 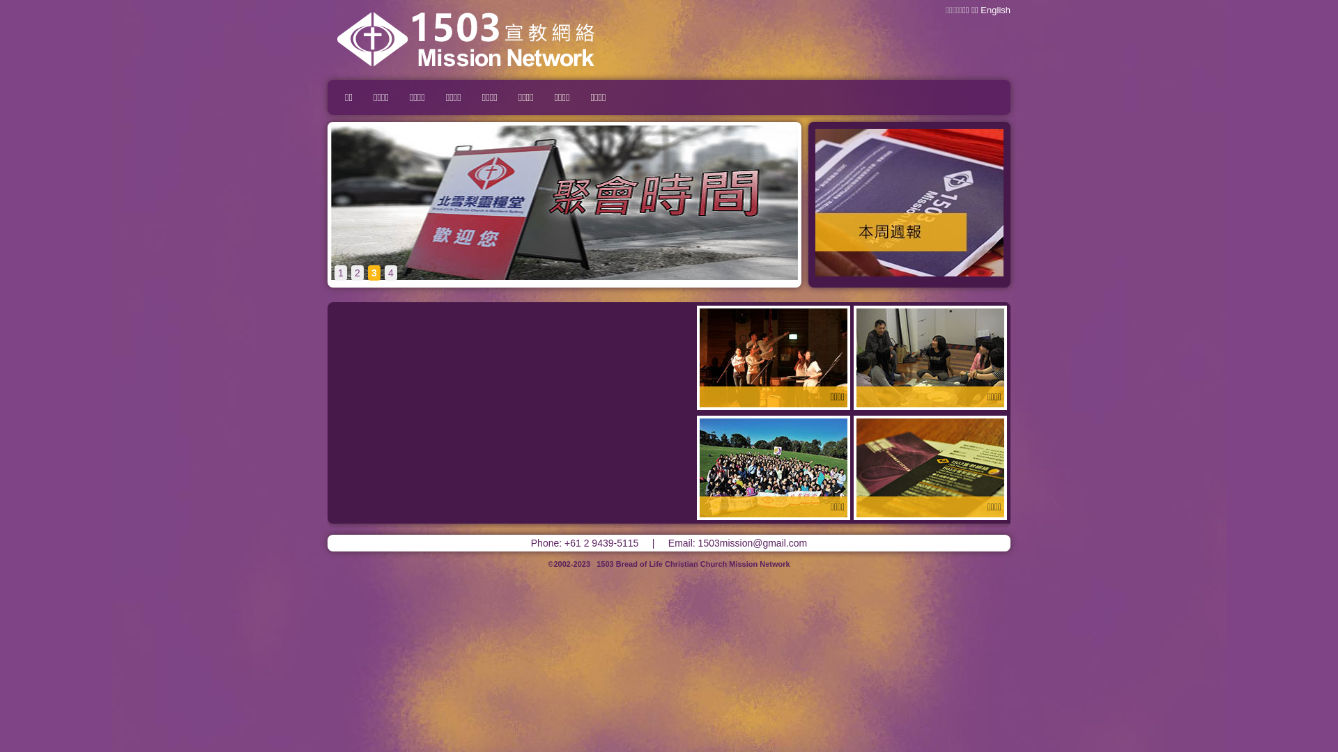 What do you see at coordinates (357, 273) in the screenshot?
I see `'2'` at bounding box center [357, 273].